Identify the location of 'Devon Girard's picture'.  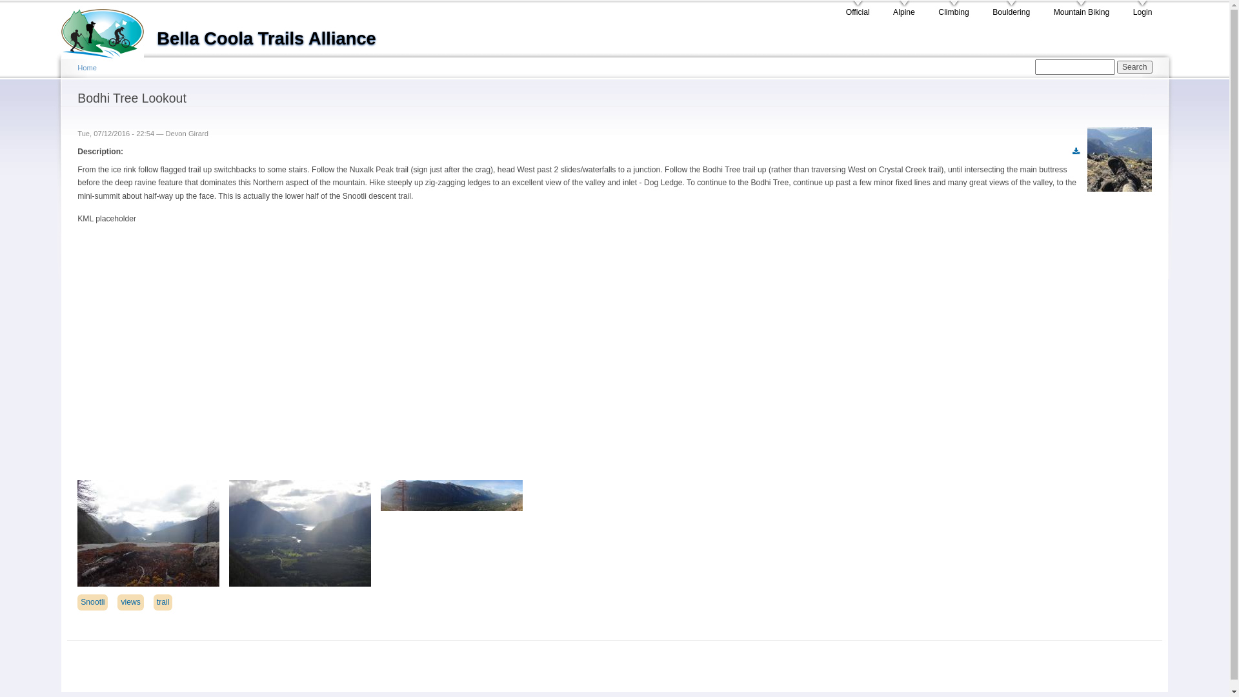
(1086, 158).